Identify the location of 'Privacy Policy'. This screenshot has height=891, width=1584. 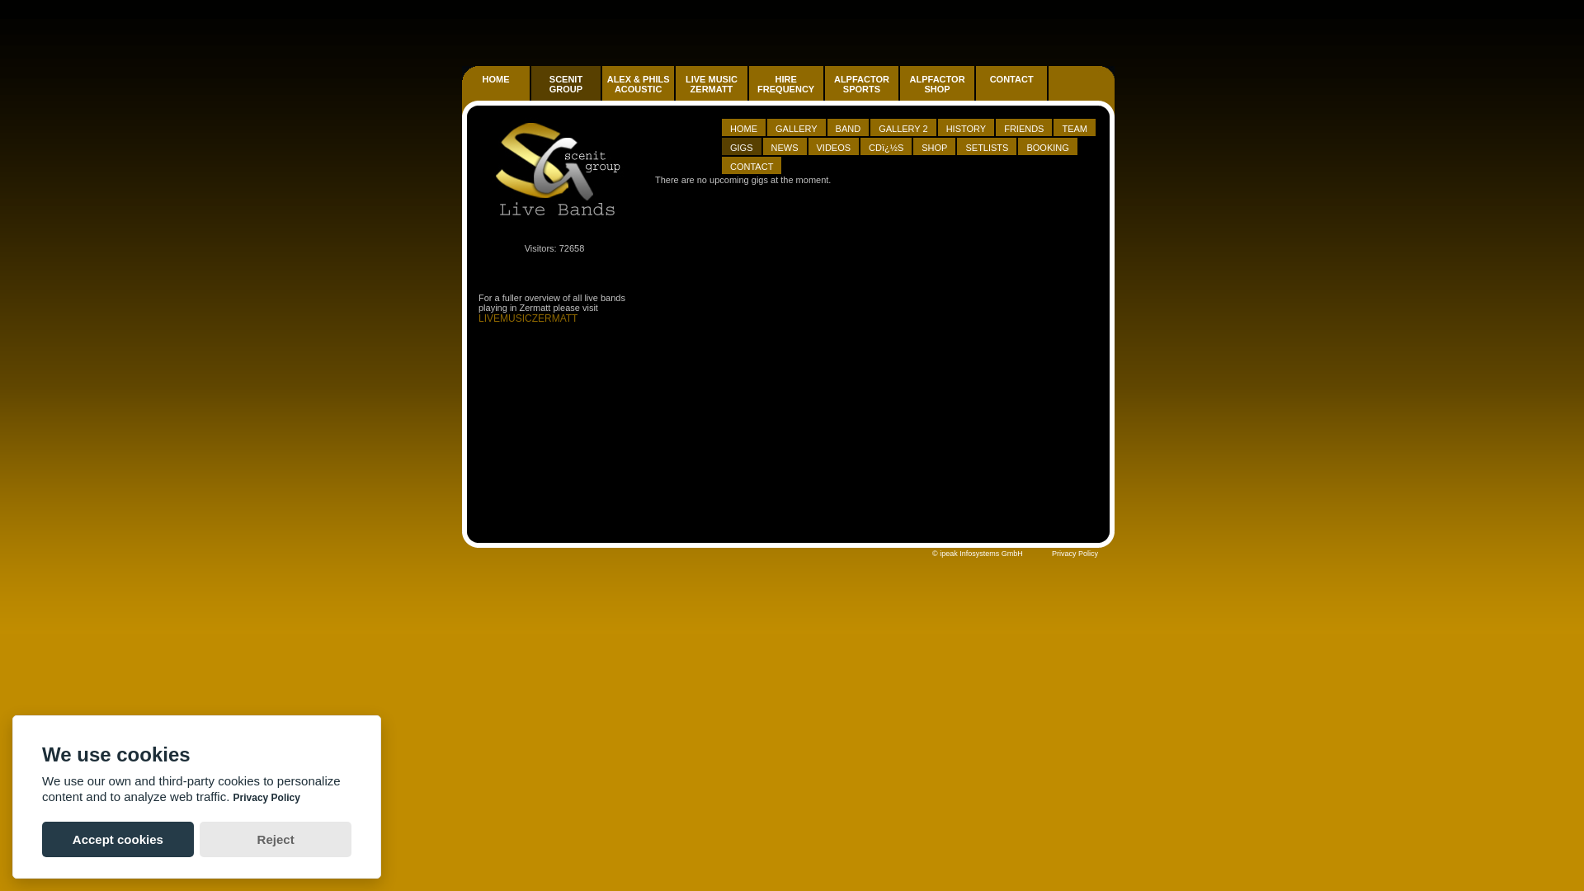
(1051, 554).